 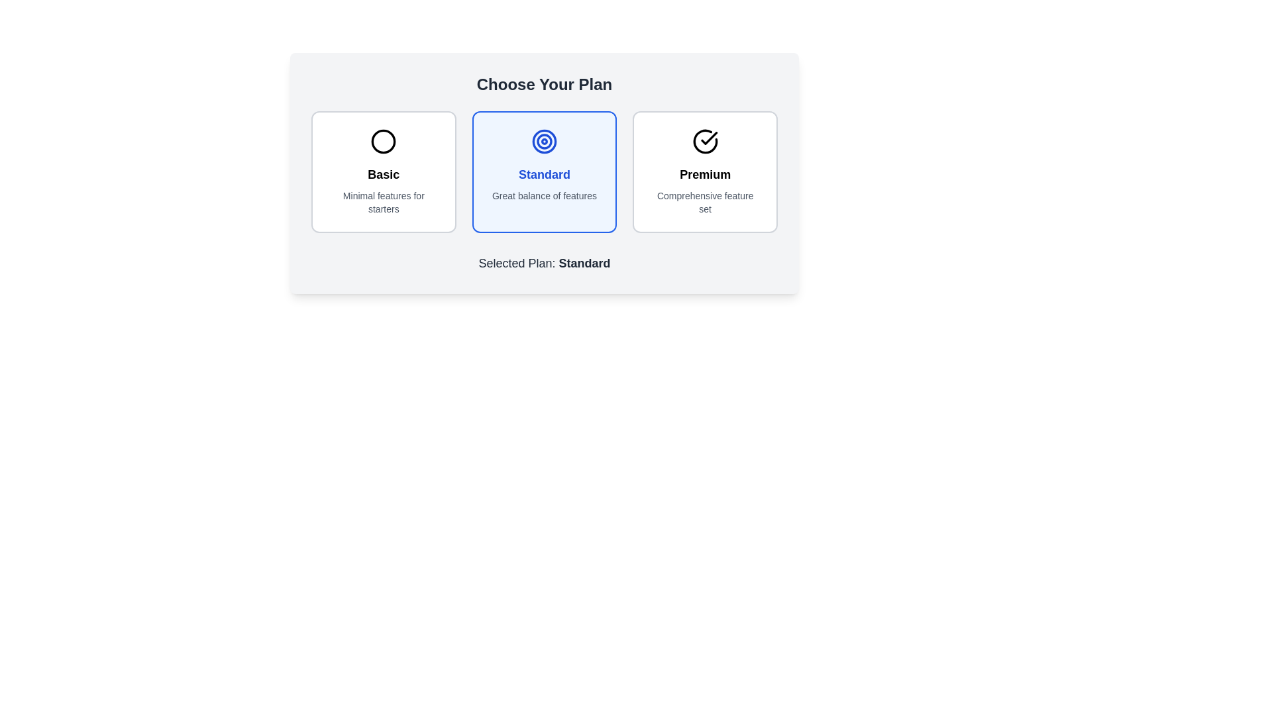 I want to click on the Static Text element displaying 'Standard' which is part of the phrase 'Selected Plan: Standard', positioned below the section title 'Choose Your Plan', so click(x=584, y=263).